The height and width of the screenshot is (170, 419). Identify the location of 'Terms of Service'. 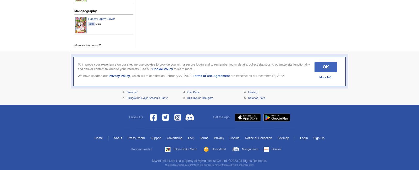
(232, 165).